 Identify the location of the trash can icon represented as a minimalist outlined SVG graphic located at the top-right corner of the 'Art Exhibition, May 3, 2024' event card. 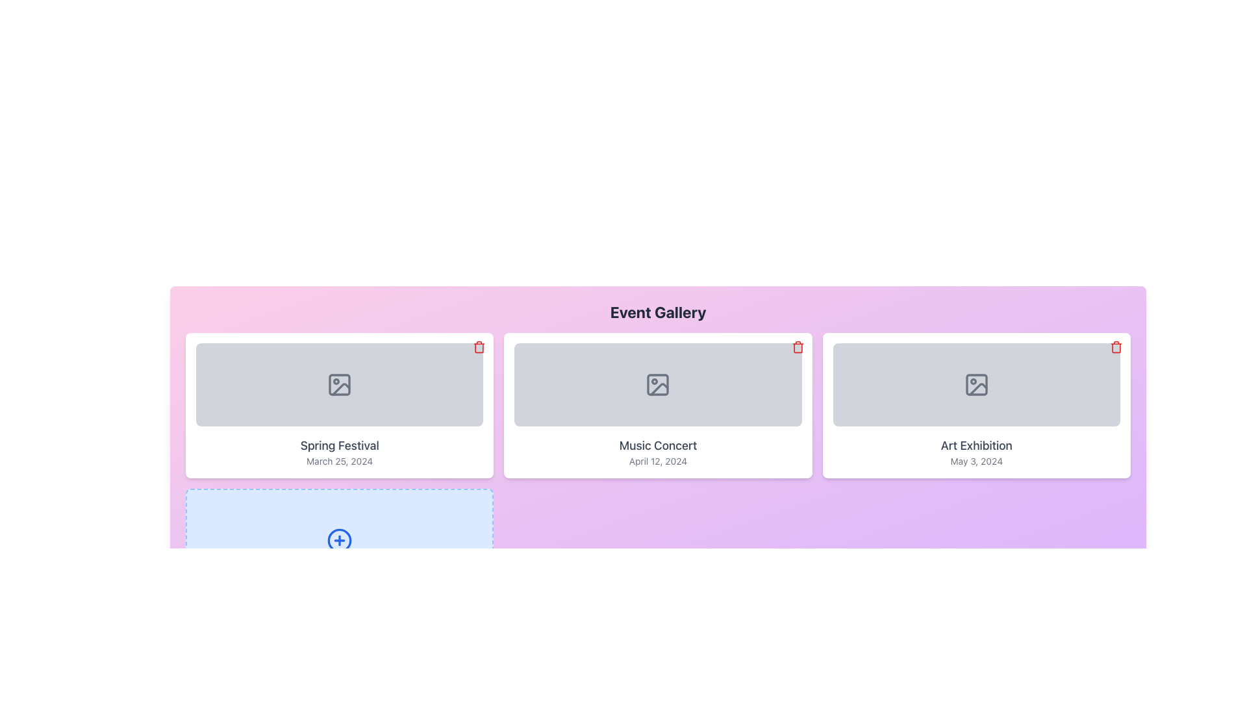
(1115, 347).